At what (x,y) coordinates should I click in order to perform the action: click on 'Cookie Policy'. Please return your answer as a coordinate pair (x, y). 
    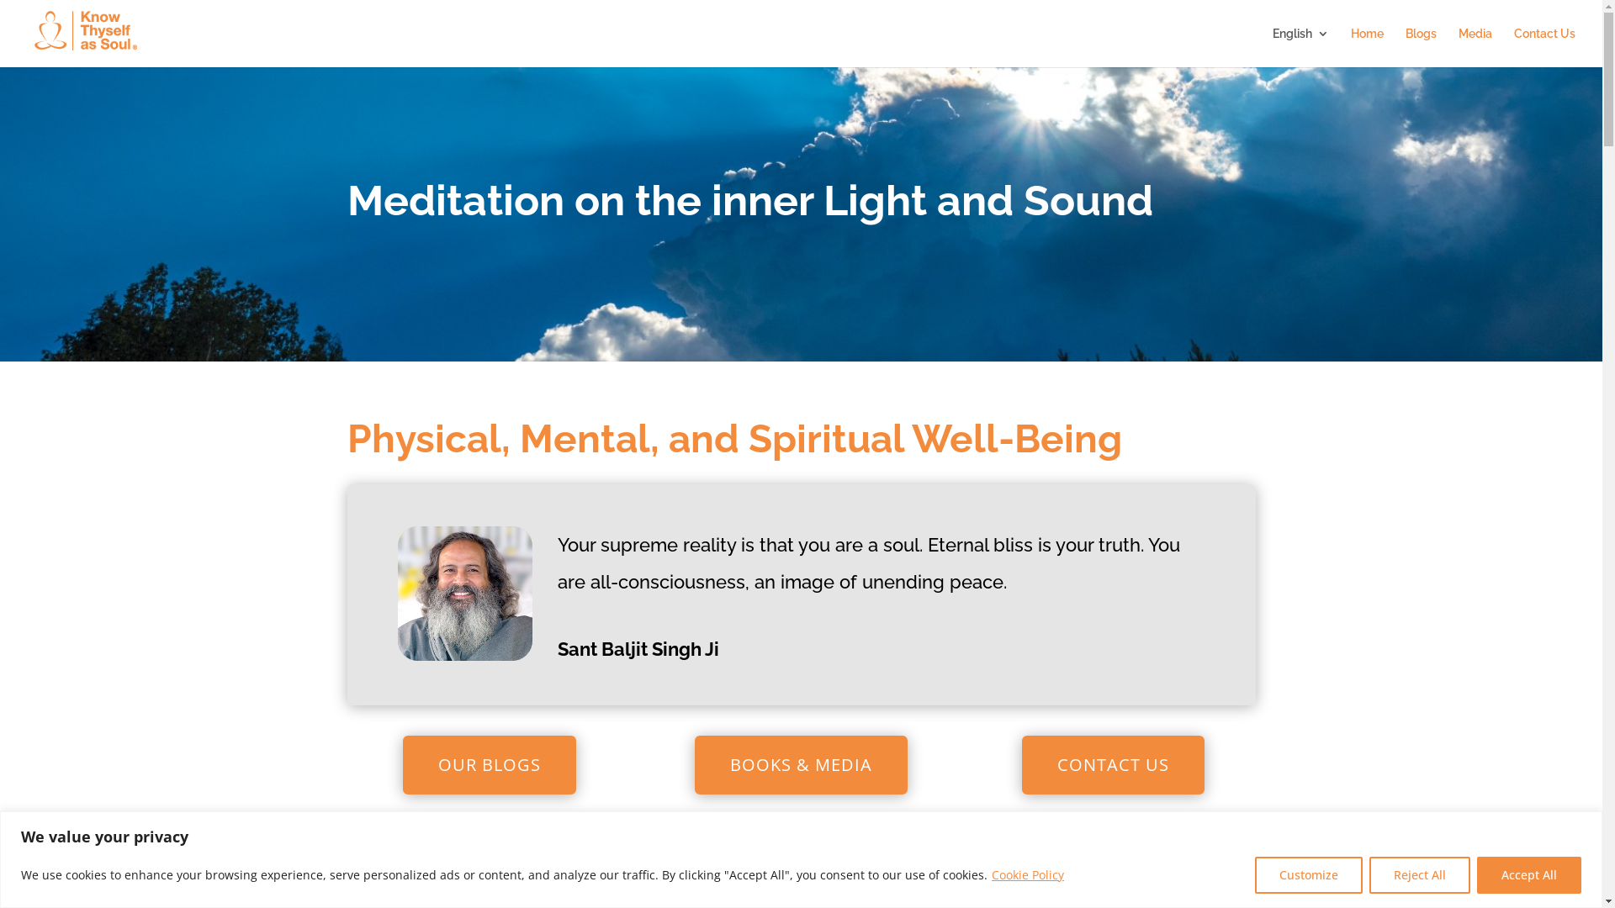
    Looking at the image, I should click on (990, 874).